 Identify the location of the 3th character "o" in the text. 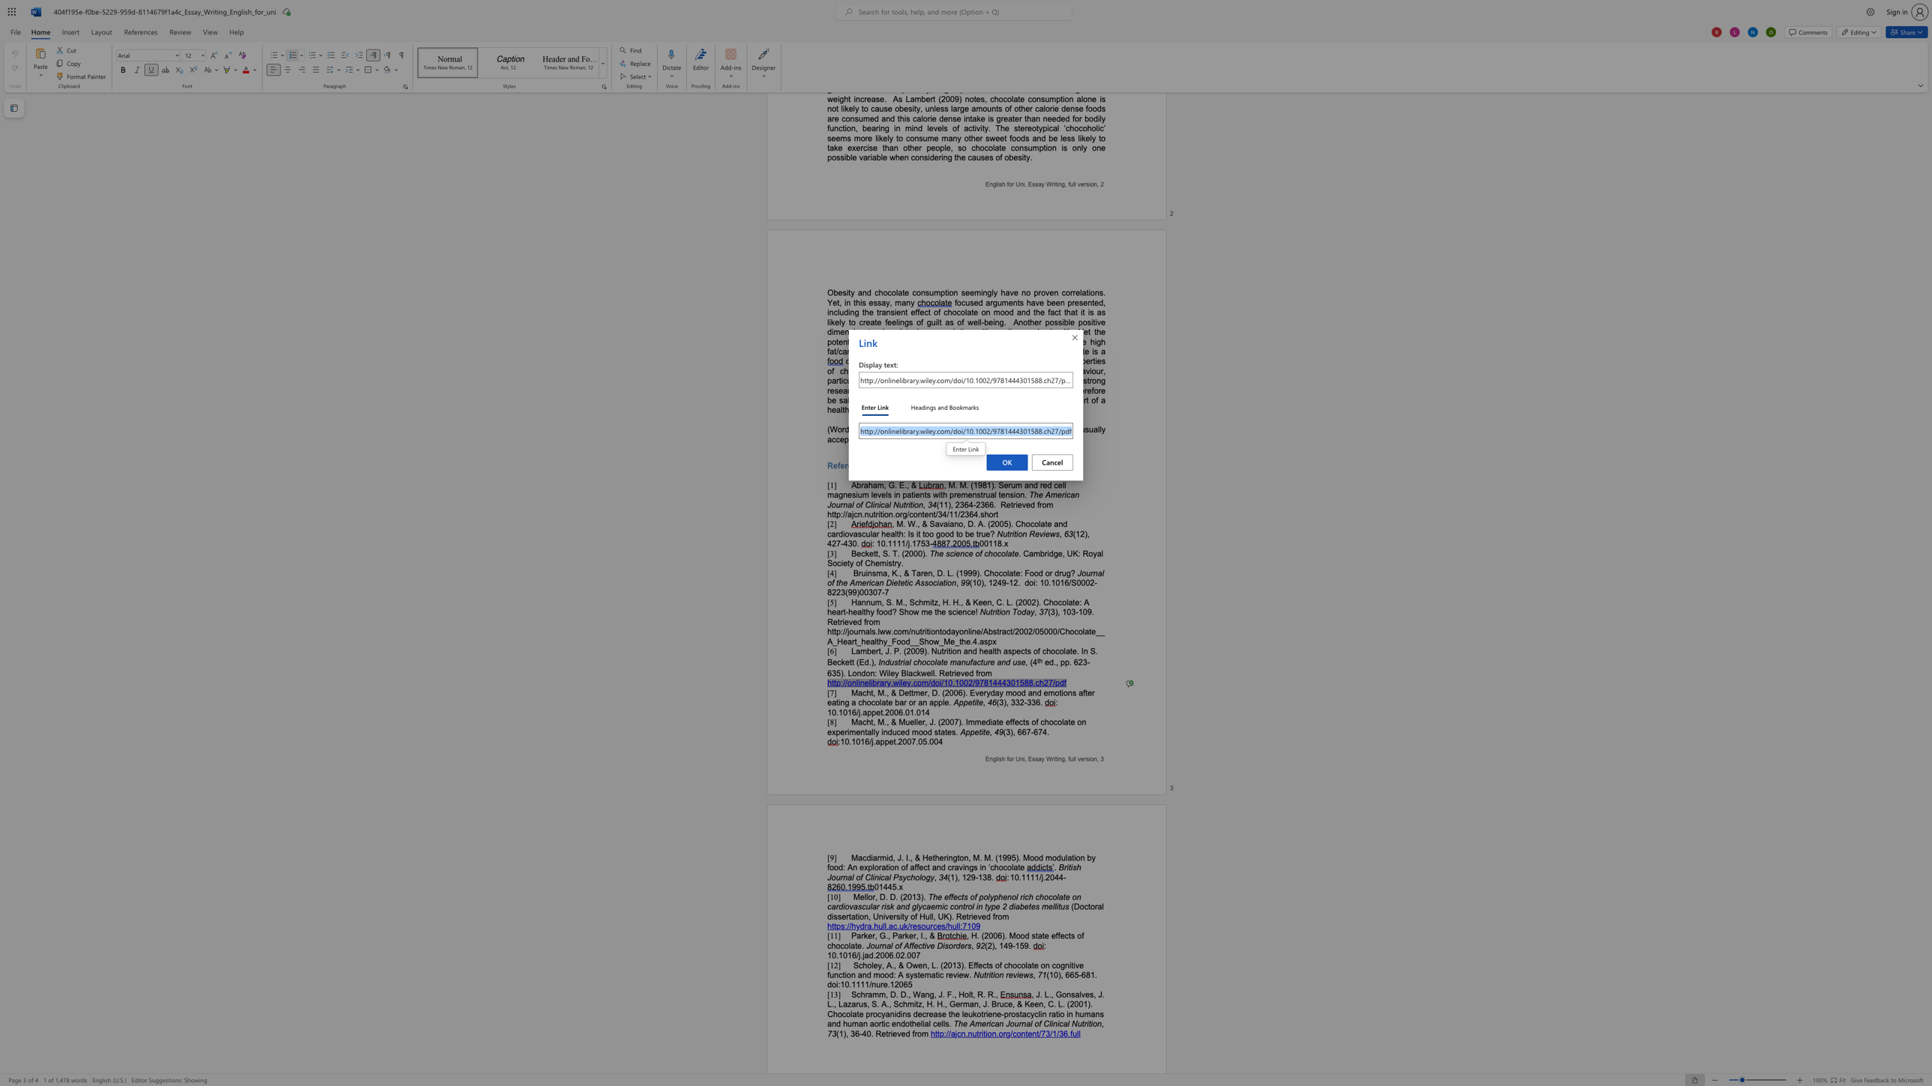
(1093, 1022).